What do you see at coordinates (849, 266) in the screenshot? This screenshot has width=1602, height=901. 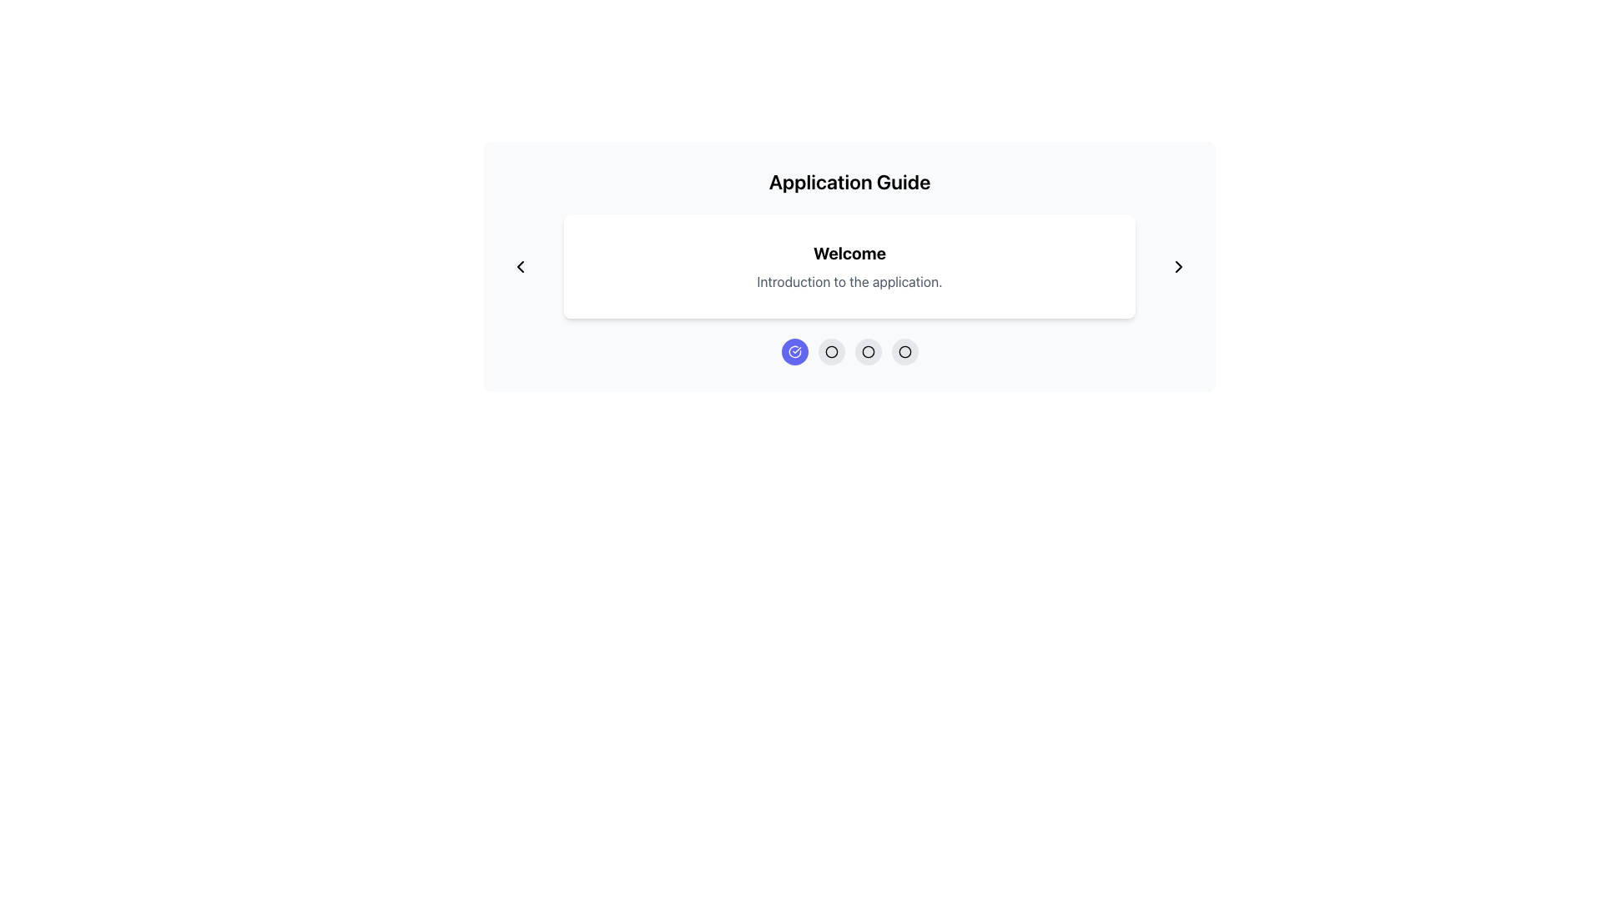 I see `the static informational section that displays a title and description, located below the 'Application Guide' header and above the circular indicators` at bounding box center [849, 266].